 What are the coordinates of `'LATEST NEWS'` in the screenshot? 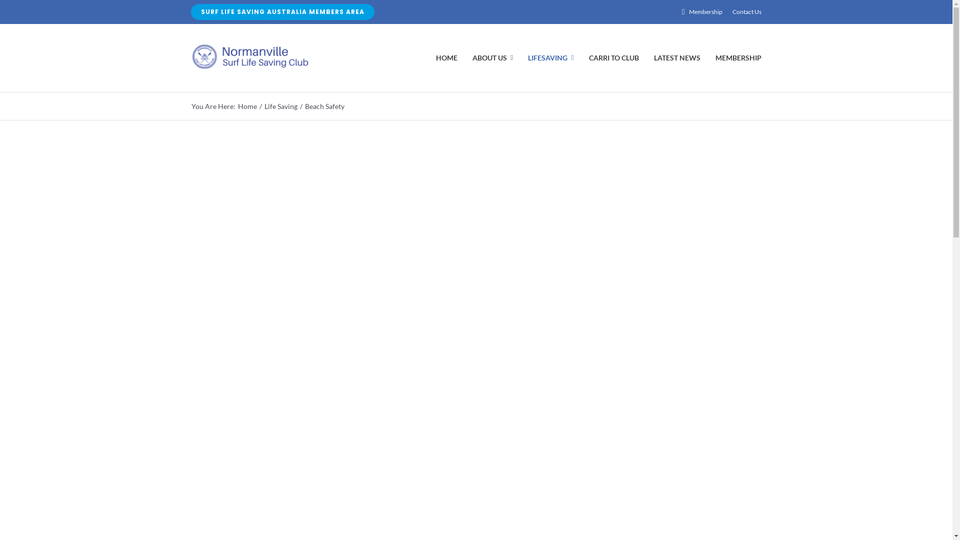 It's located at (677, 57).